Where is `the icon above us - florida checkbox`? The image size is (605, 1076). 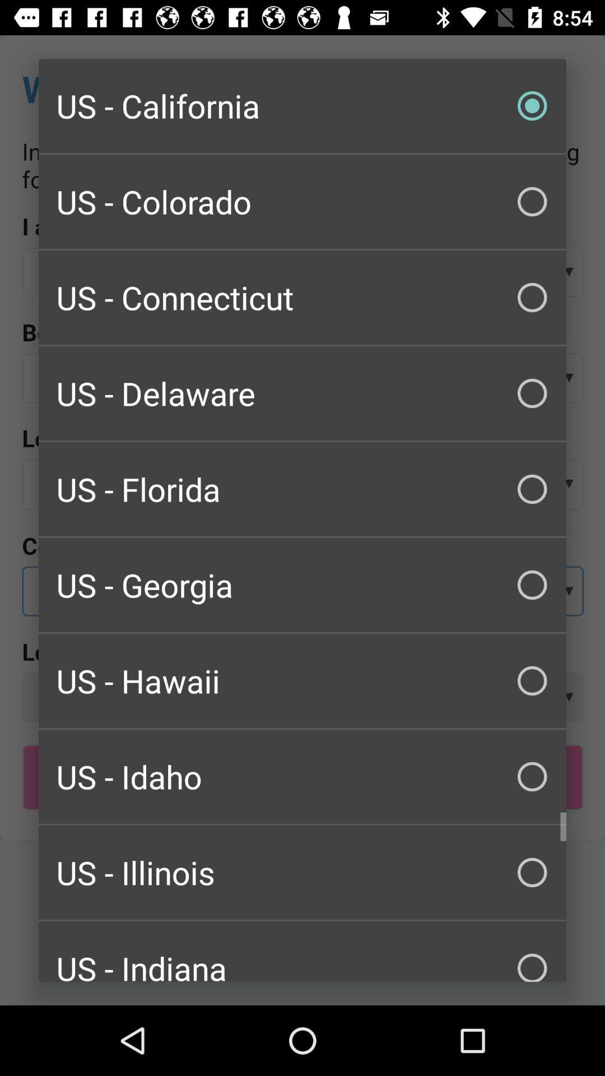
the icon above us - florida checkbox is located at coordinates (302, 393).